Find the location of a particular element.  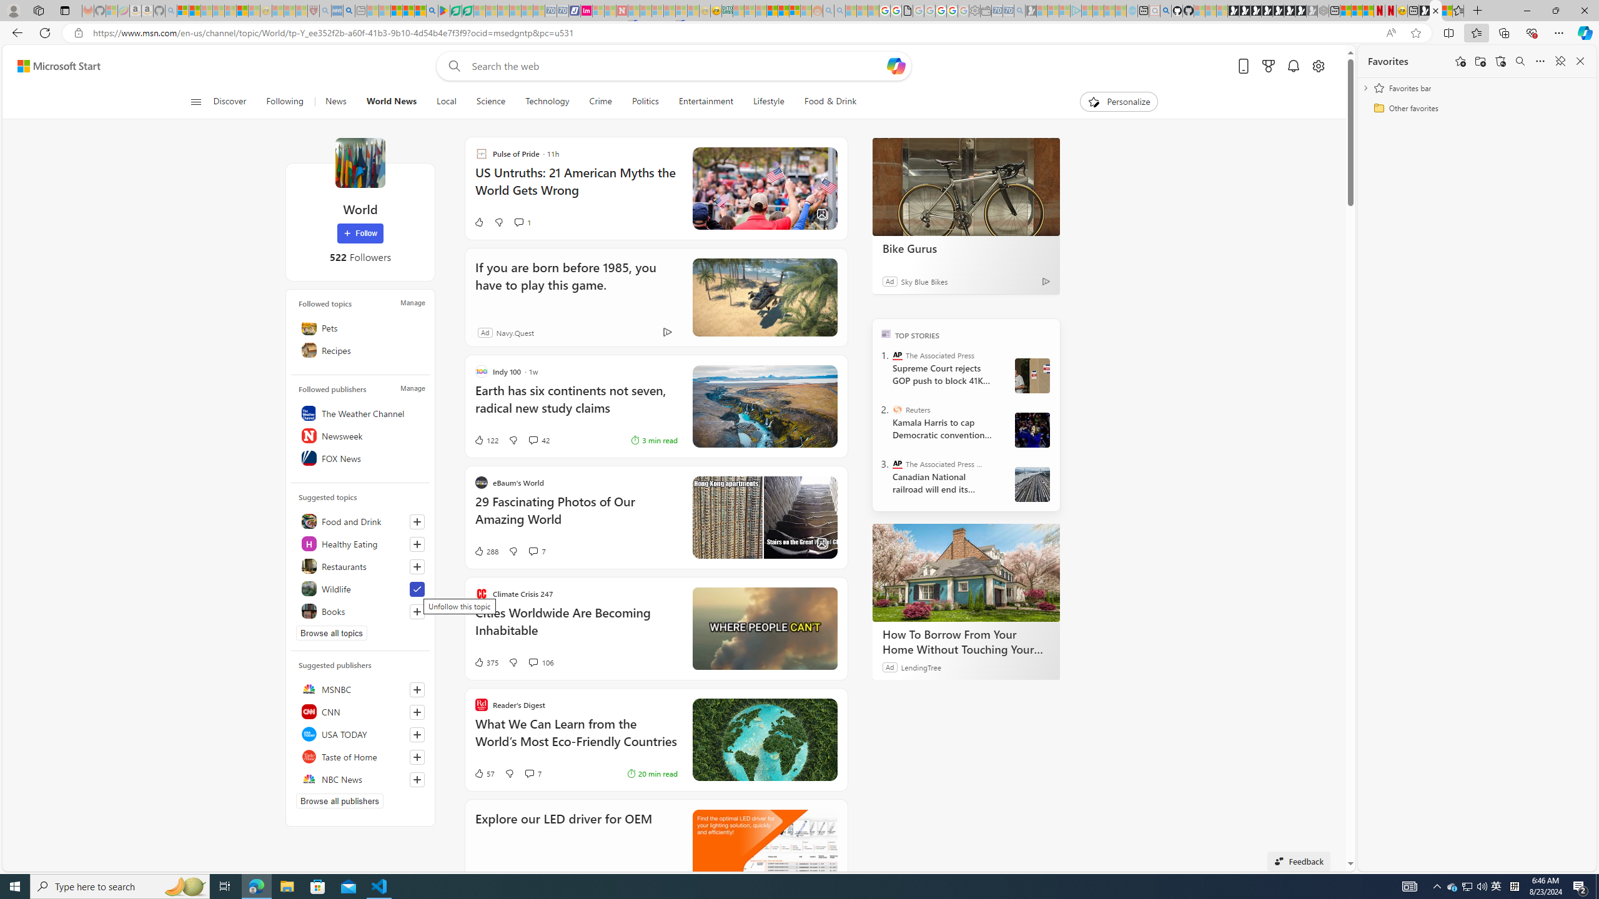

'Wildlife' is located at coordinates (359, 588).